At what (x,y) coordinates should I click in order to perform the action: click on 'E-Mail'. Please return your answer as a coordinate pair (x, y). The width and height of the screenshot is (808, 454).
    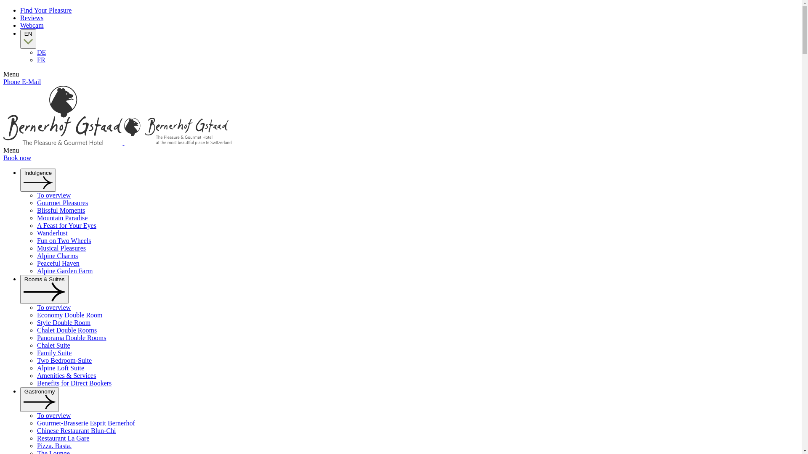
    Looking at the image, I should click on (31, 82).